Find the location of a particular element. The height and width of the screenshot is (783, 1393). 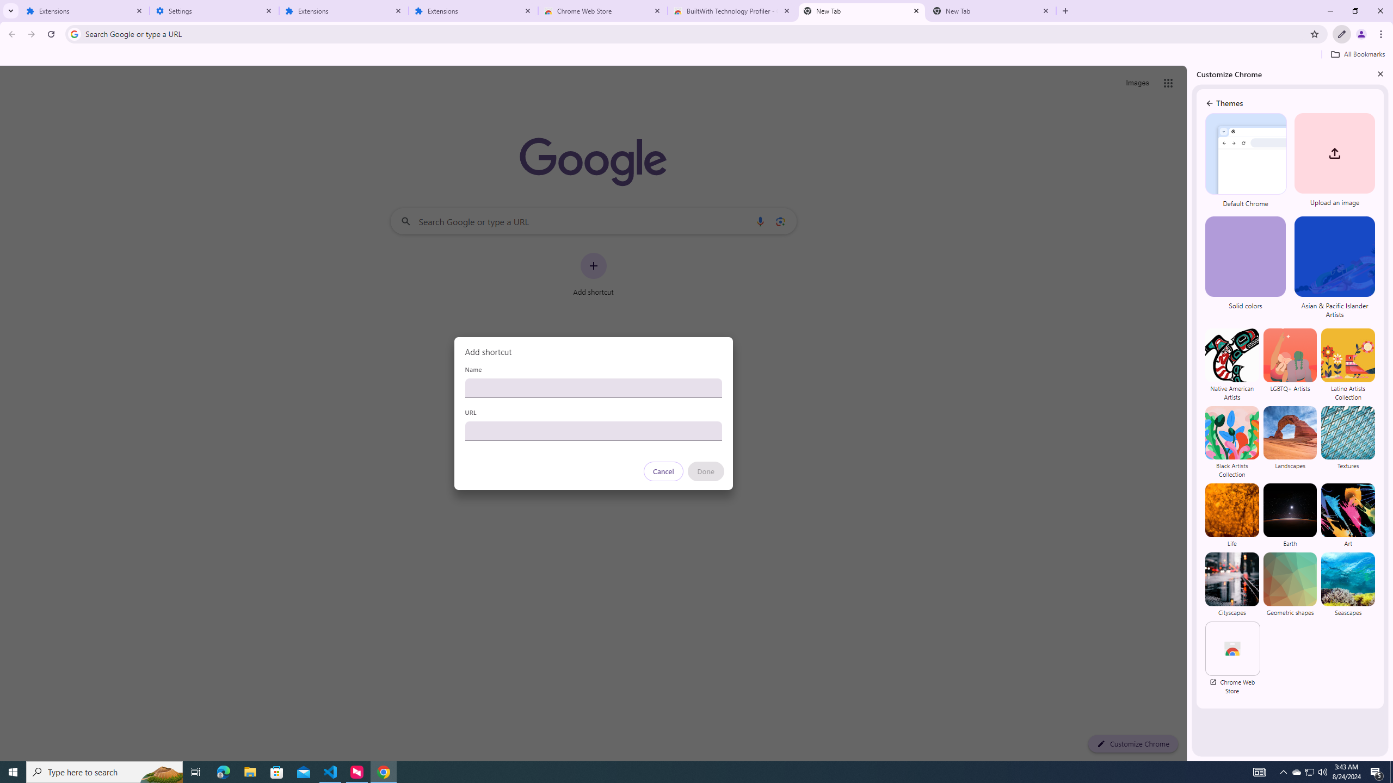

'LGBTQ+ Artists' is located at coordinates (1290, 364).